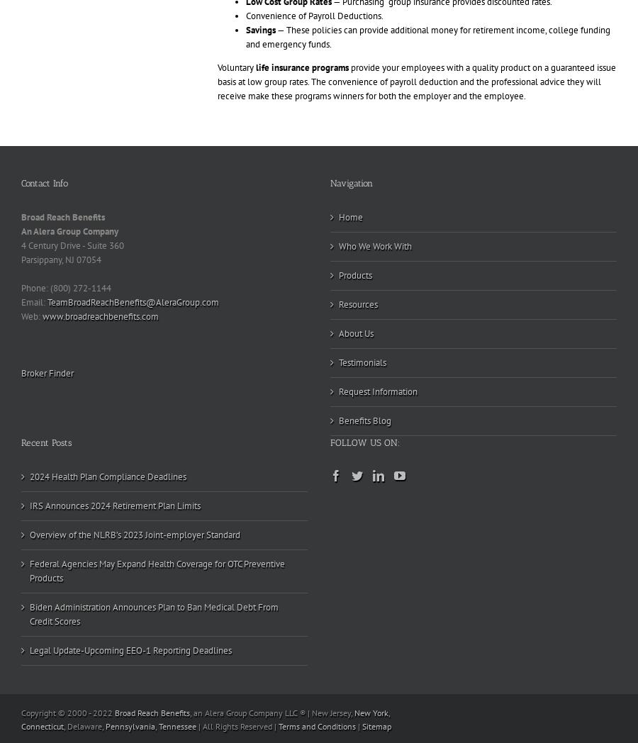  What do you see at coordinates (374, 246) in the screenshot?
I see `'Who We Work With'` at bounding box center [374, 246].